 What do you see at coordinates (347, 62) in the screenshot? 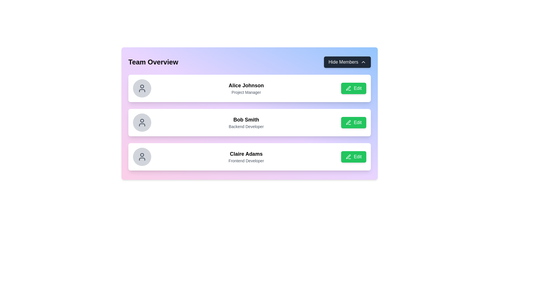
I see `the toggle button in the top-right corner of the 'Team Overview' section` at bounding box center [347, 62].